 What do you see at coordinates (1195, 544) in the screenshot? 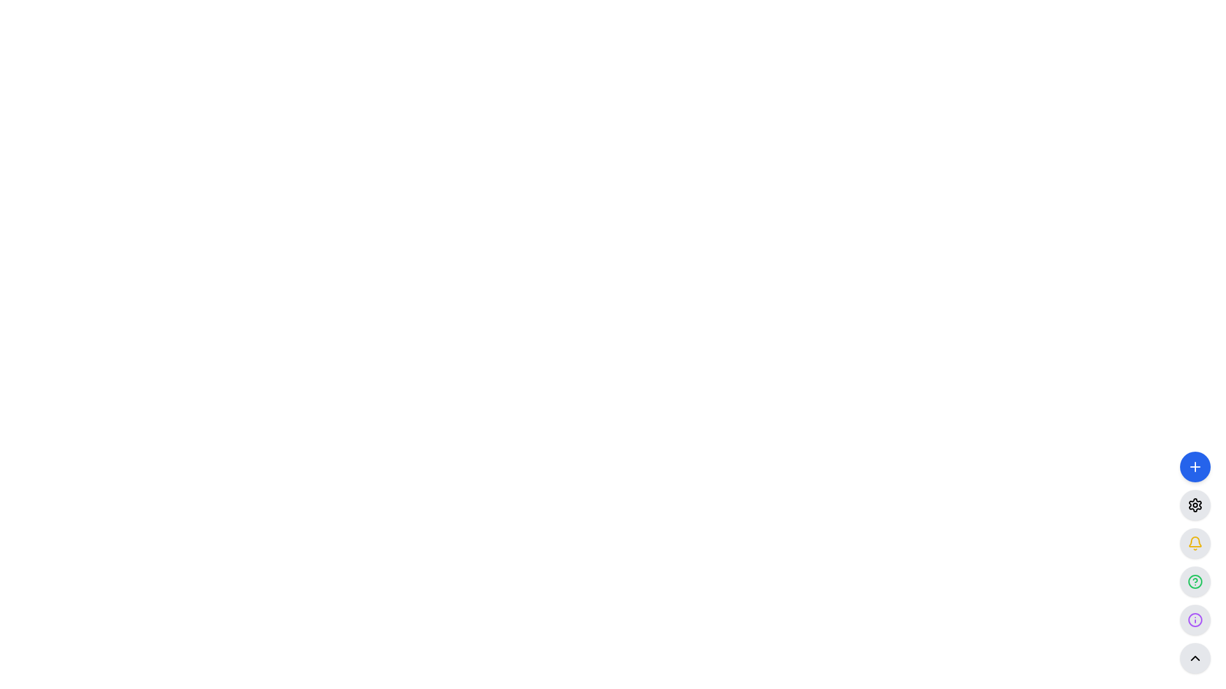
I see `the notifications icon, which is a circular button with a light gray background located in the third slot of the vertical menu on the right side` at bounding box center [1195, 544].